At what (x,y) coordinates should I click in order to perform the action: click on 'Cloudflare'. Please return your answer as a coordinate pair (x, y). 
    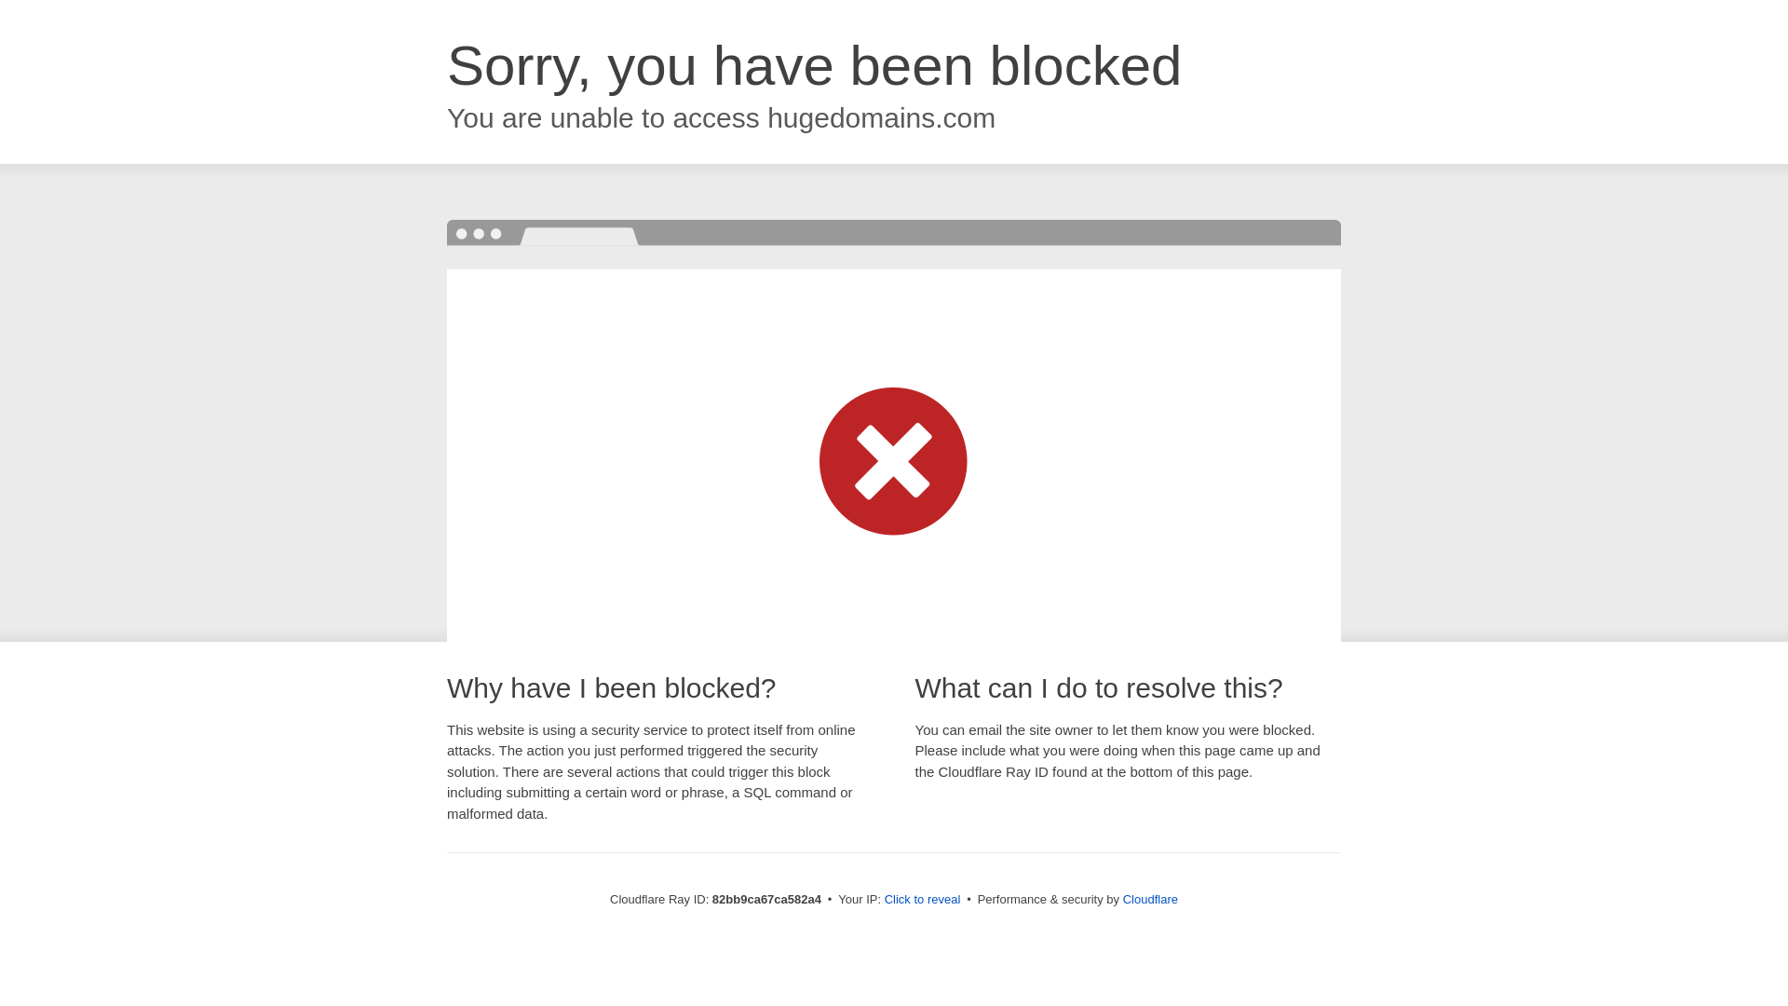
    Looking at the image, I should click on (1149, 898).